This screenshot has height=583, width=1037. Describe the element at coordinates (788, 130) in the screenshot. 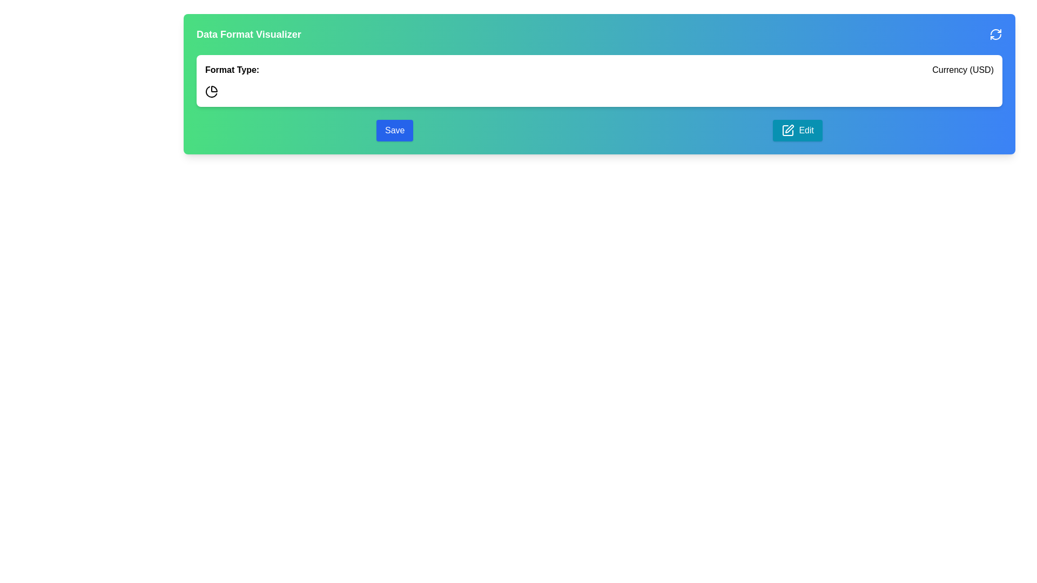

I see `the icon located to the left of the 'Edit' text within the 'Edit' button in the lower-right area of the main layout` at that location.